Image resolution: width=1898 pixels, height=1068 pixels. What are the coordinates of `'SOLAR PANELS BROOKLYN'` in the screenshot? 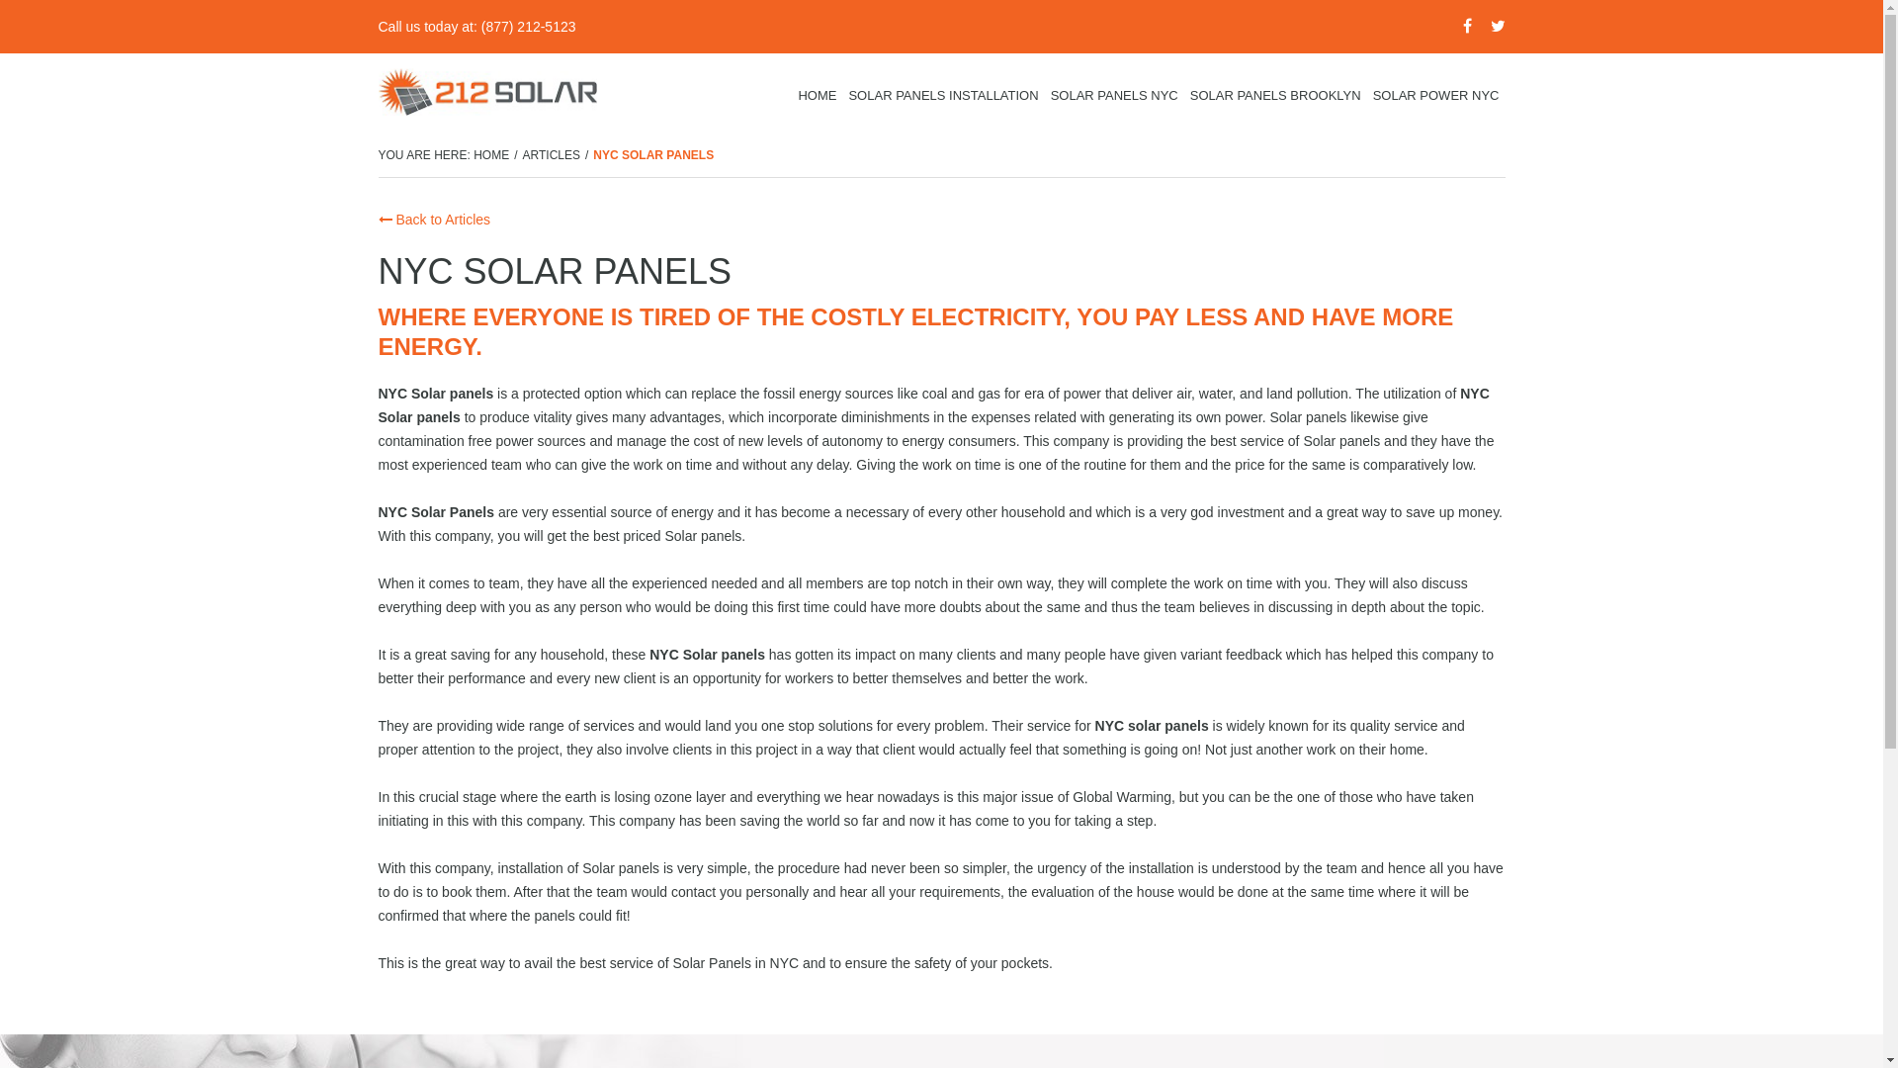 It's located at (1275, 95).